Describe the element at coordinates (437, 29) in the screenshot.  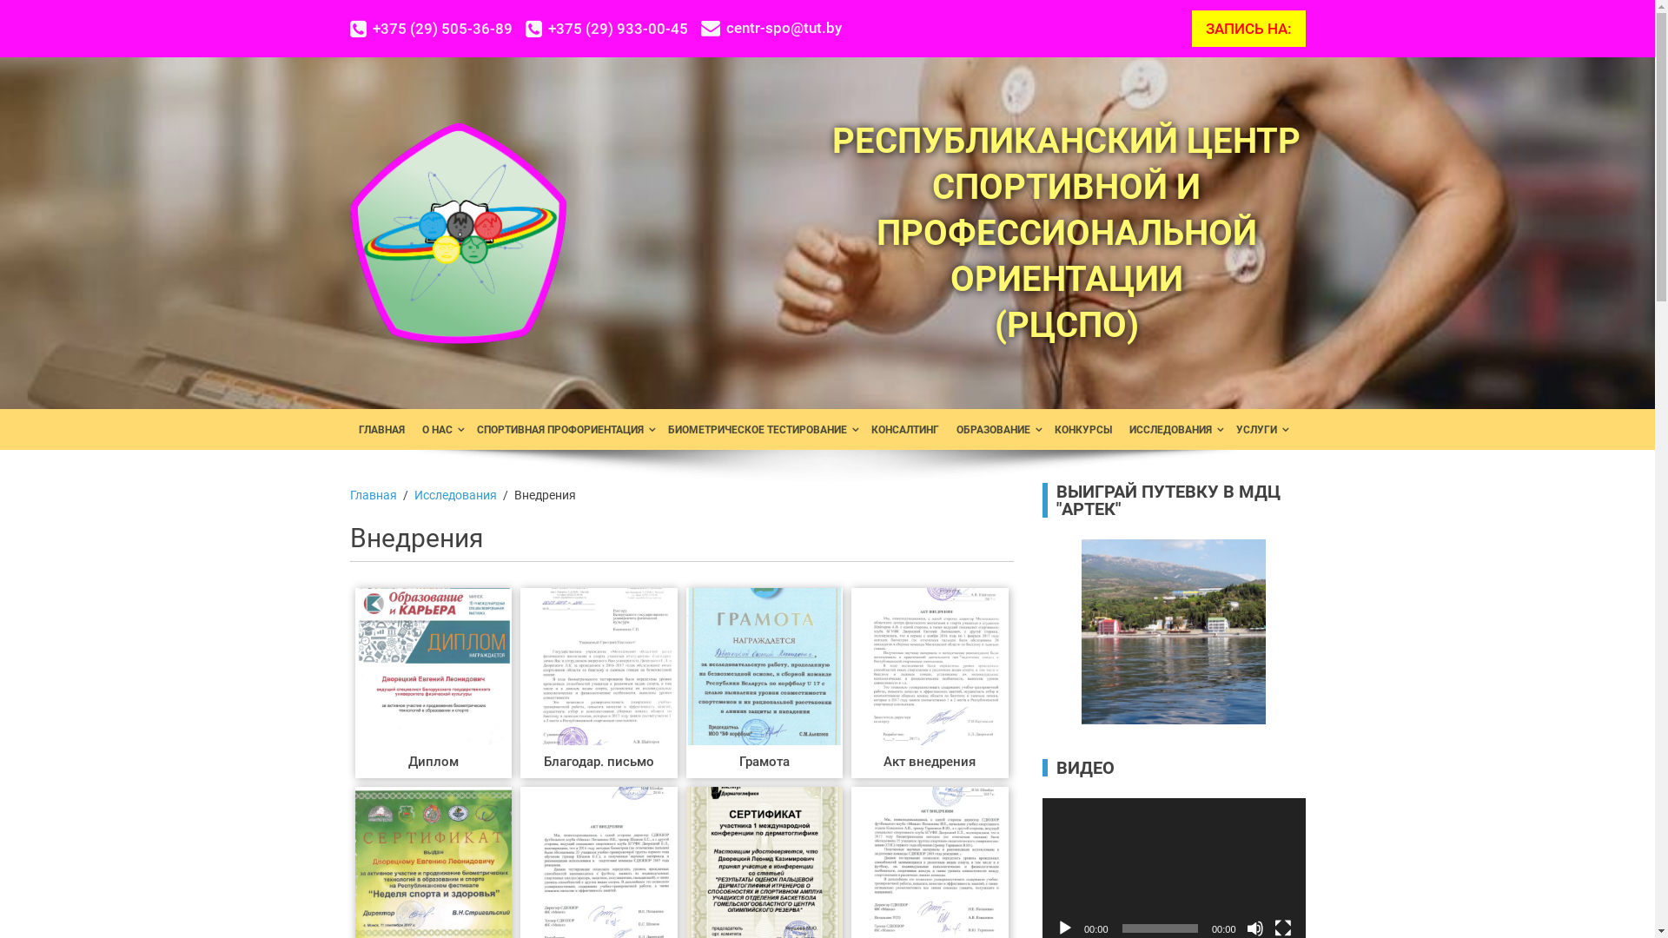
I see `'+375 (29) 505-36-89'` at that location.